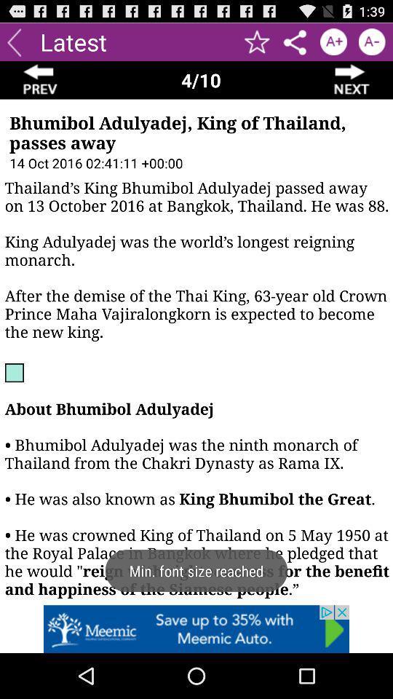  Describe the element at coordinates (372, 41) in the screenshot. I see `decrease` at that location.